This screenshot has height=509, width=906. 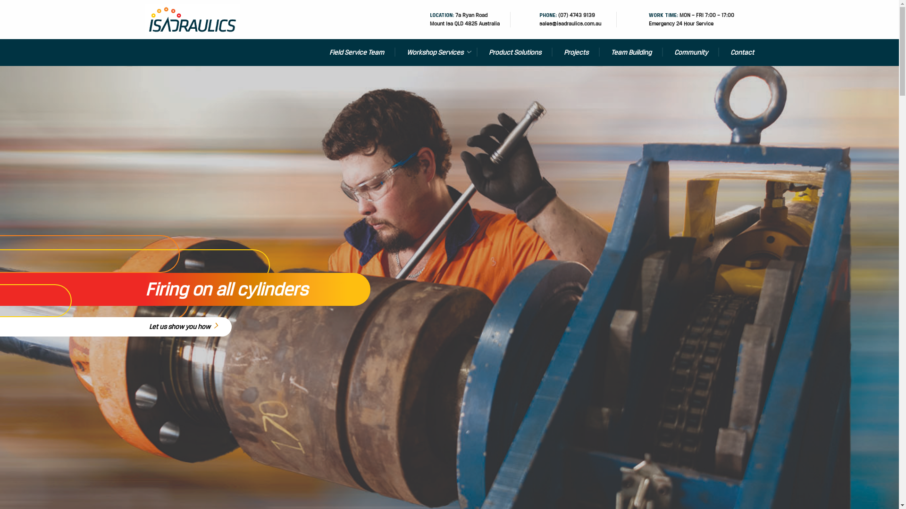 I want to click on 'Workshop Services', so click(x=436, y=52).